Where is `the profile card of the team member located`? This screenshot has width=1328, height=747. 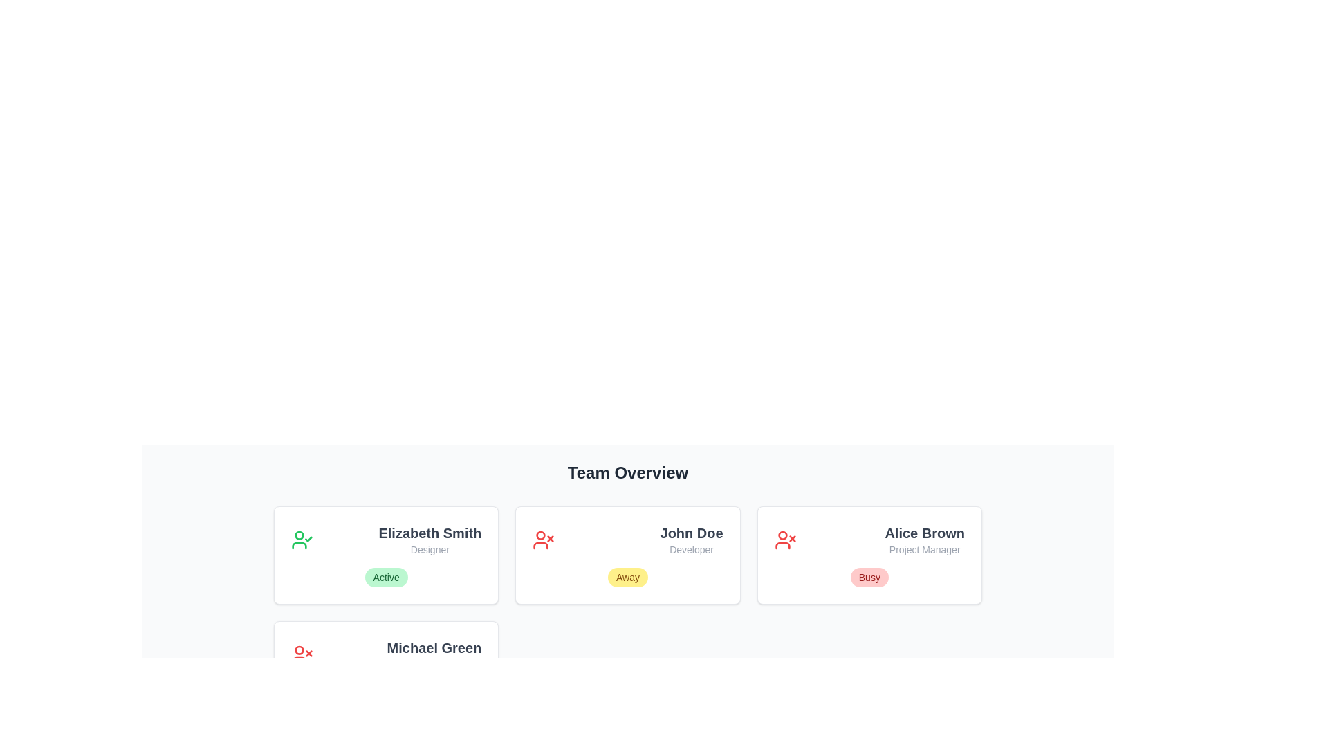
the profile card of the team member located is located at coordinates (869, 554).